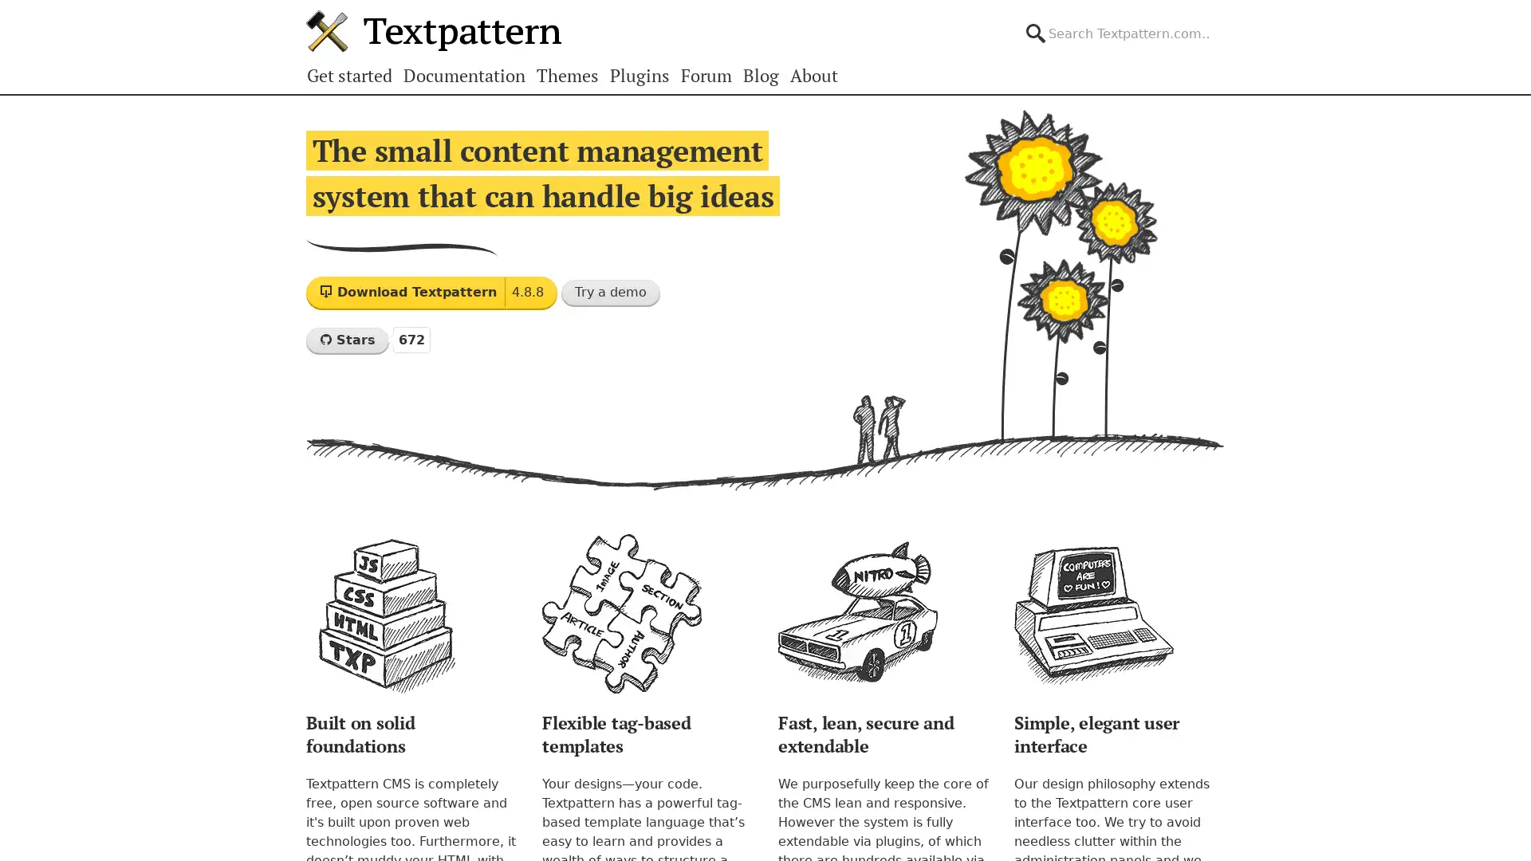 This screenshot has width=1531, height=861. Describe the element at coordinates (1223, 19) in the screenshot. I see `Submit Search` at that location.